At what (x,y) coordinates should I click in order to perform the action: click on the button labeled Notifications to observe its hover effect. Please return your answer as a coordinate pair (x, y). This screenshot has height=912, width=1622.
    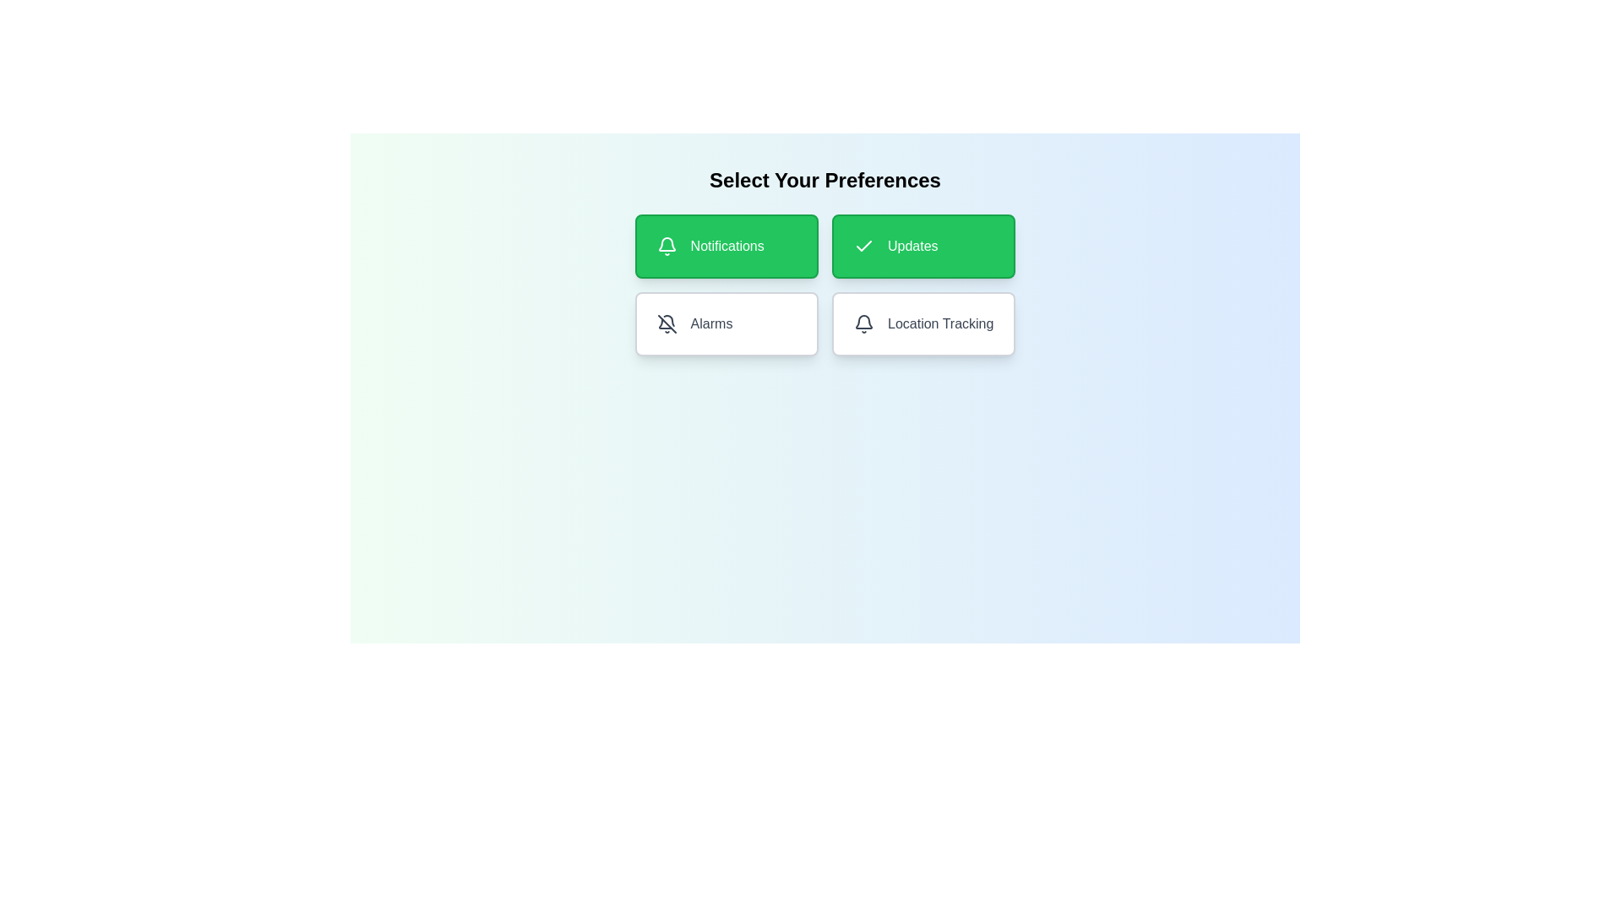
    Looking at the image, I should click on (726, 247).